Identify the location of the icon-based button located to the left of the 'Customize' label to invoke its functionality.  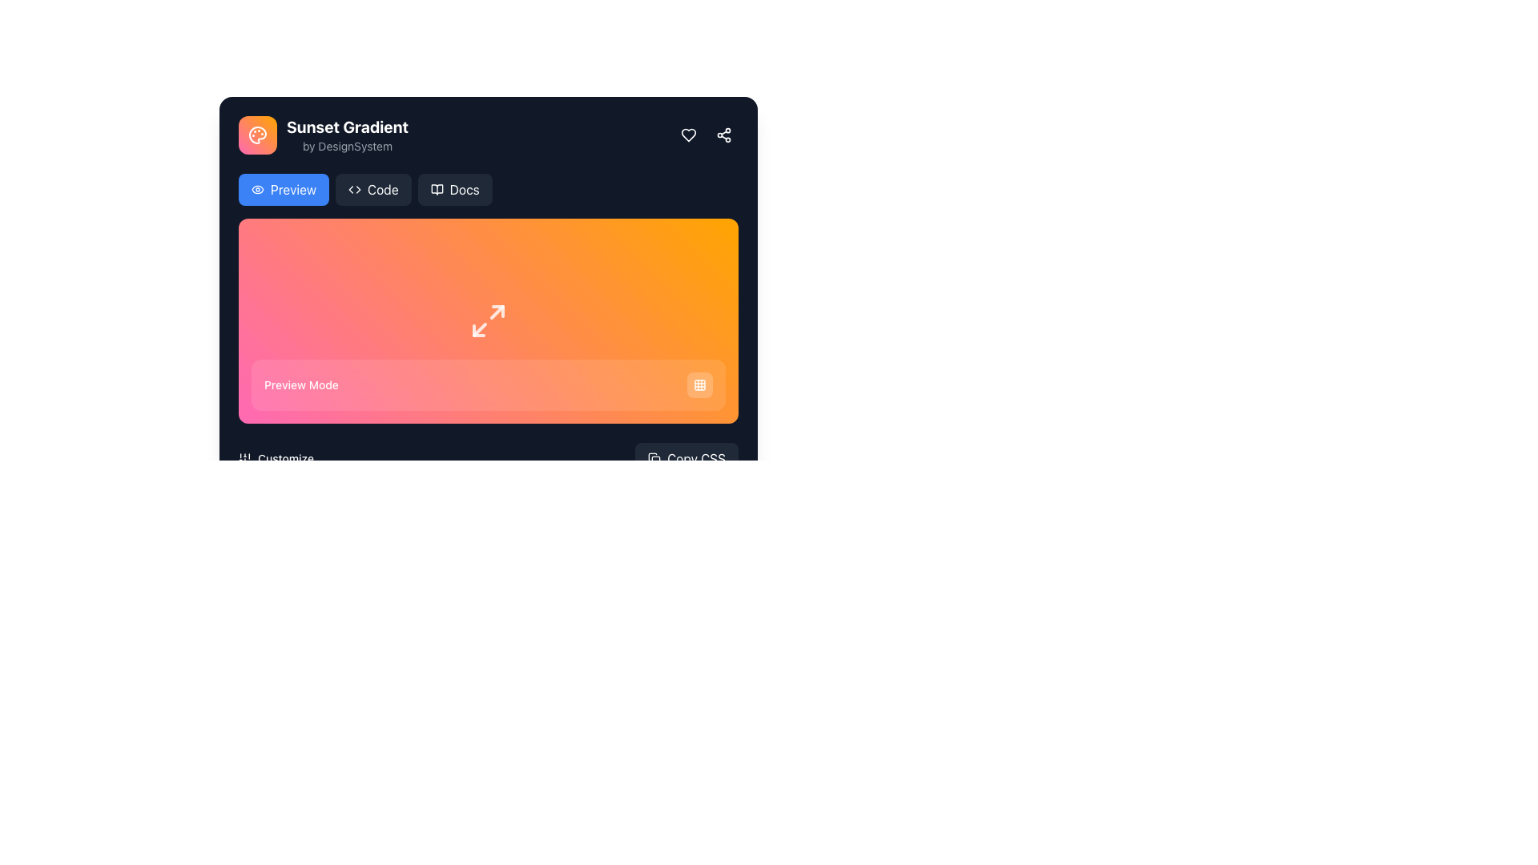
(244, 459).